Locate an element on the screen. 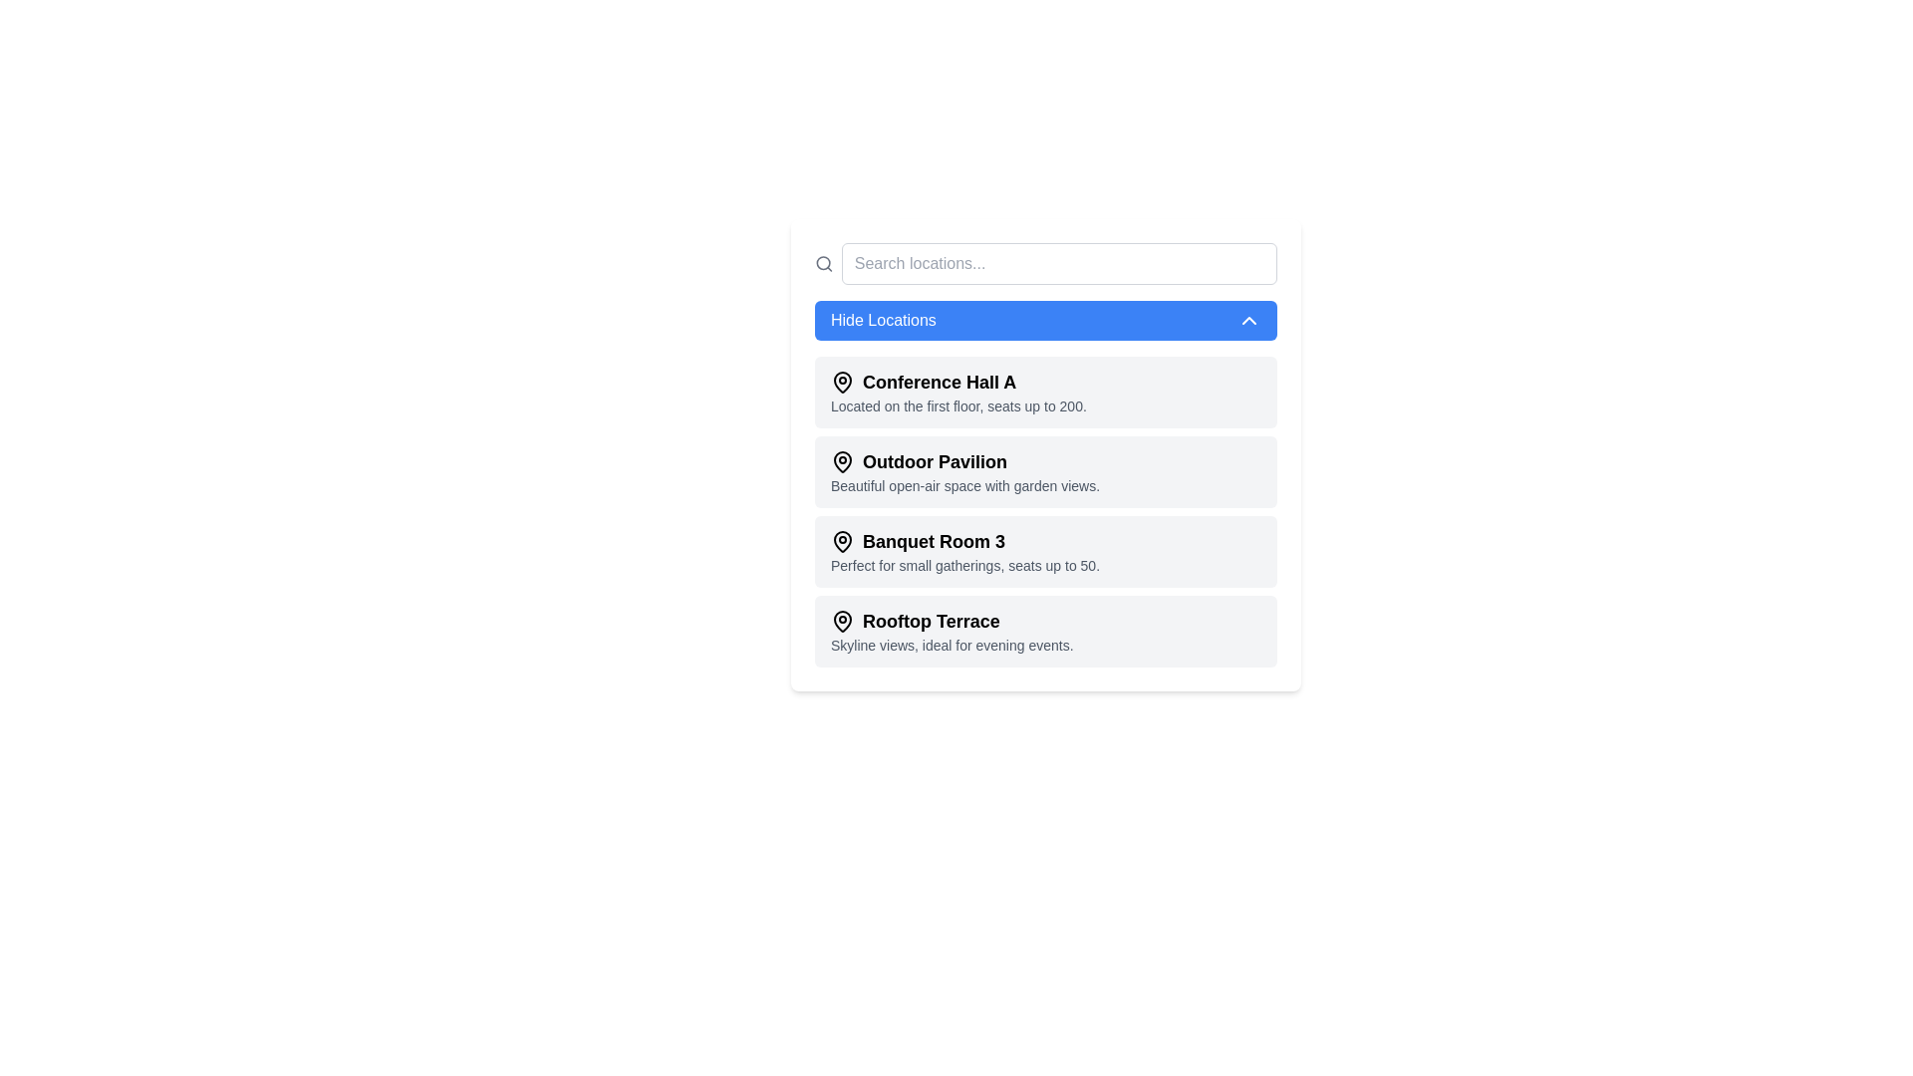 This screenshot has height=1076, width=1913. the list item titled 'Rooftop Terrace' is located at coordinates (1045, 631).